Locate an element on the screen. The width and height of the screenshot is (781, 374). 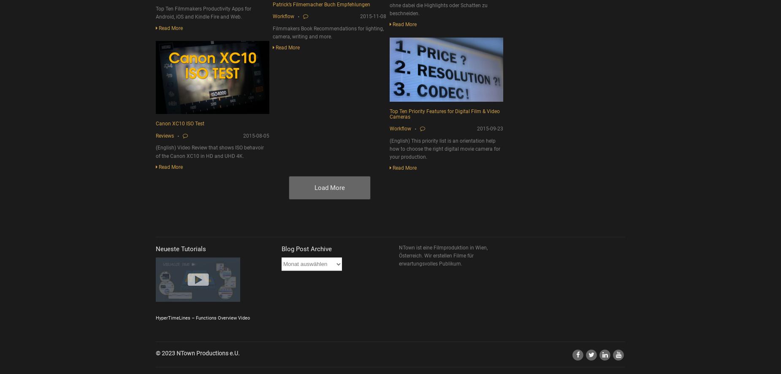
'Filmmakers Book Recommendations for lighting, camera, writing and more.' is located at coordinates (328, 32).